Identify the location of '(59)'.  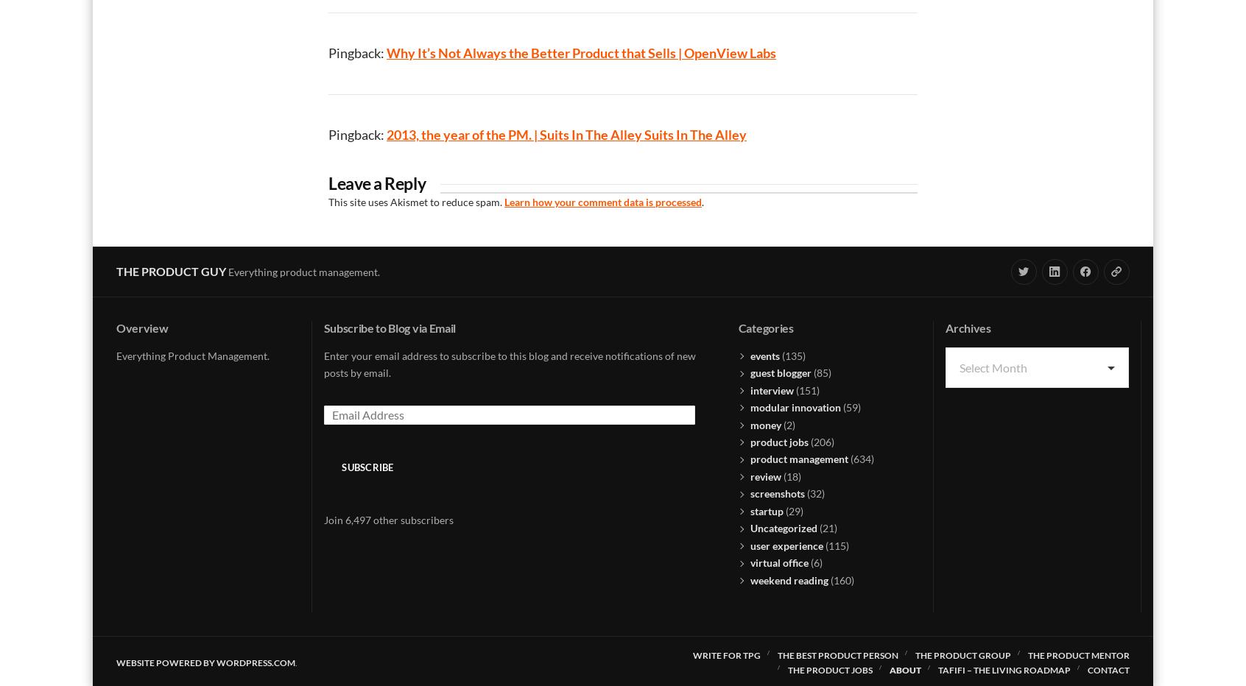
(850, 407).